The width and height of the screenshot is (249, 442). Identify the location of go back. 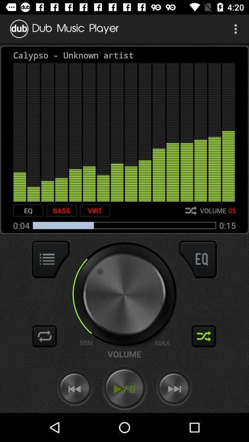
(74, 388).